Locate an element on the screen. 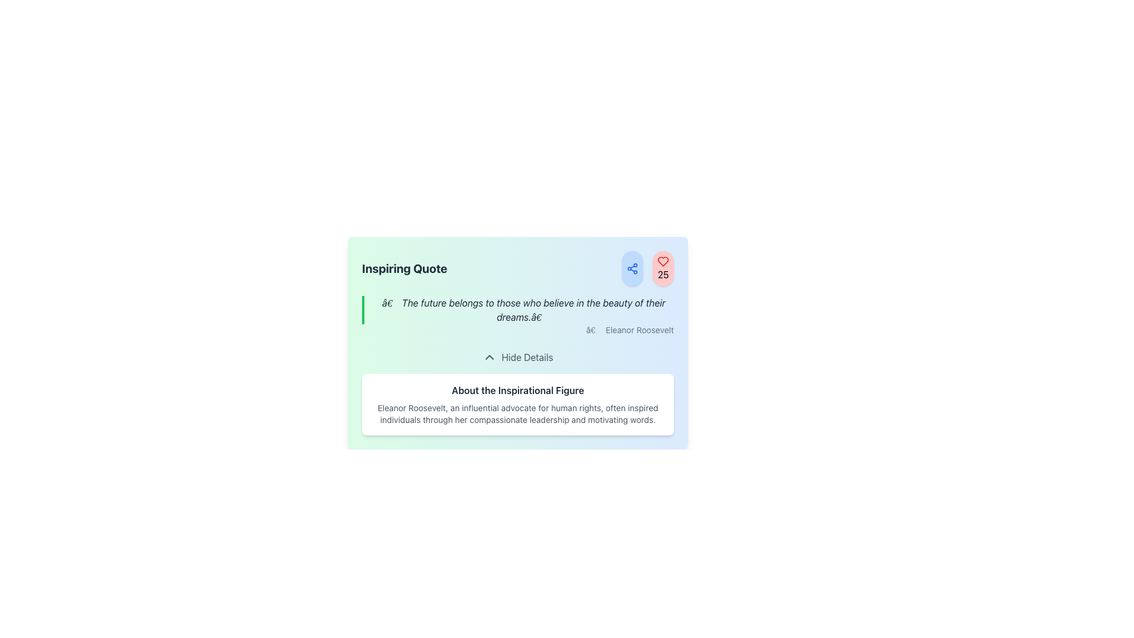 The height and width of the screenshot is (638, 1134). the toggle button located below the text '— Eleanor Roosevelt' is located at coordinates (518, 357).